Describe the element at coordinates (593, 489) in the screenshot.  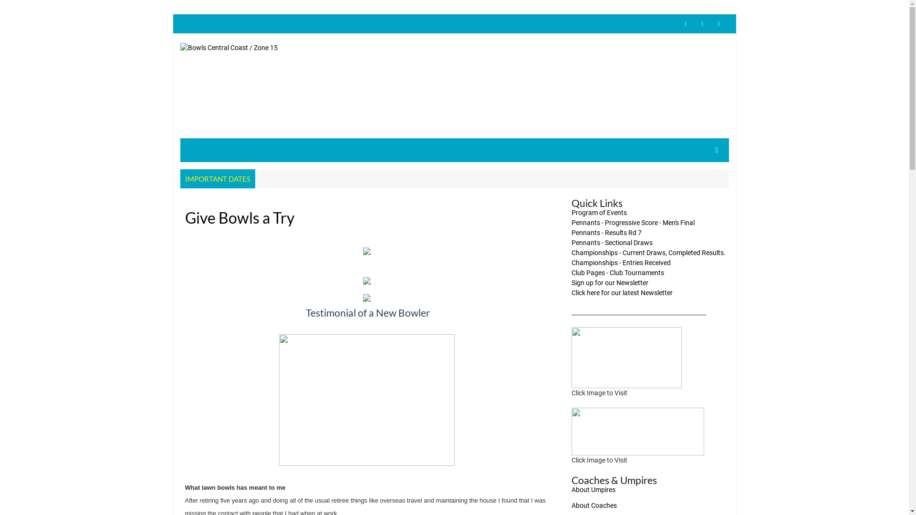
I see `'About Umpires'` at that location.